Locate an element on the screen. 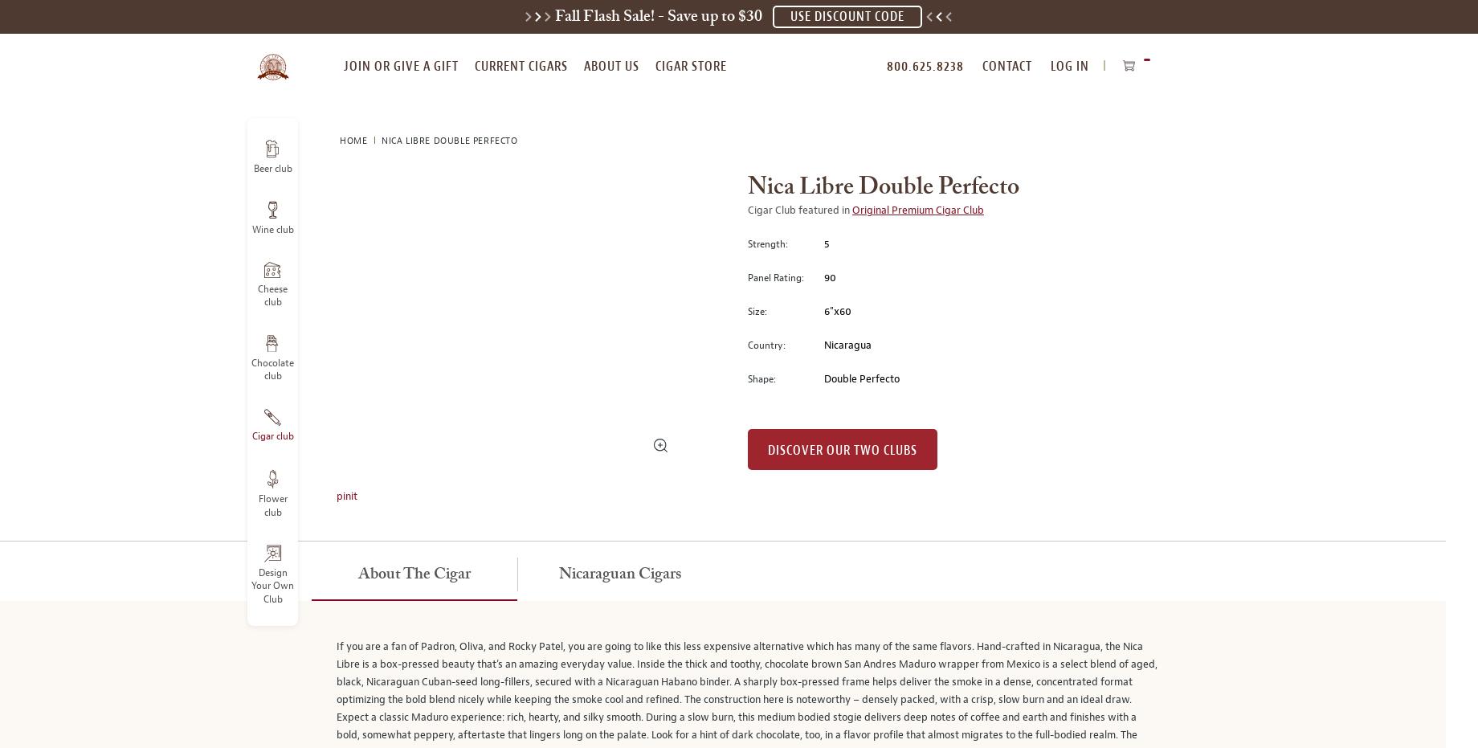 This screenshot has height=748, width=1478. 'Strength:' is located at coordinates (748, 243).